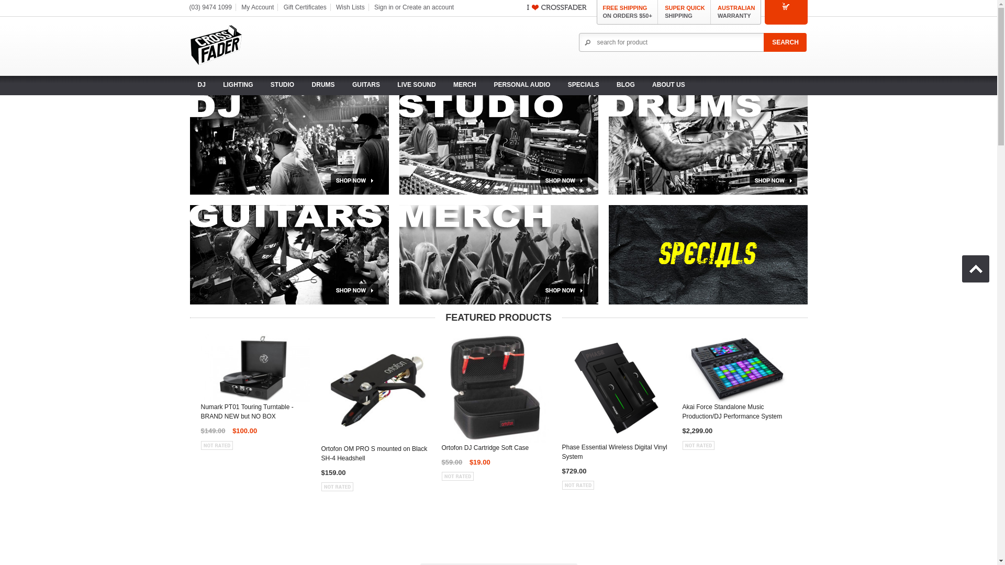  I want to click on '(03) 9474 1099', so click(210, 7).